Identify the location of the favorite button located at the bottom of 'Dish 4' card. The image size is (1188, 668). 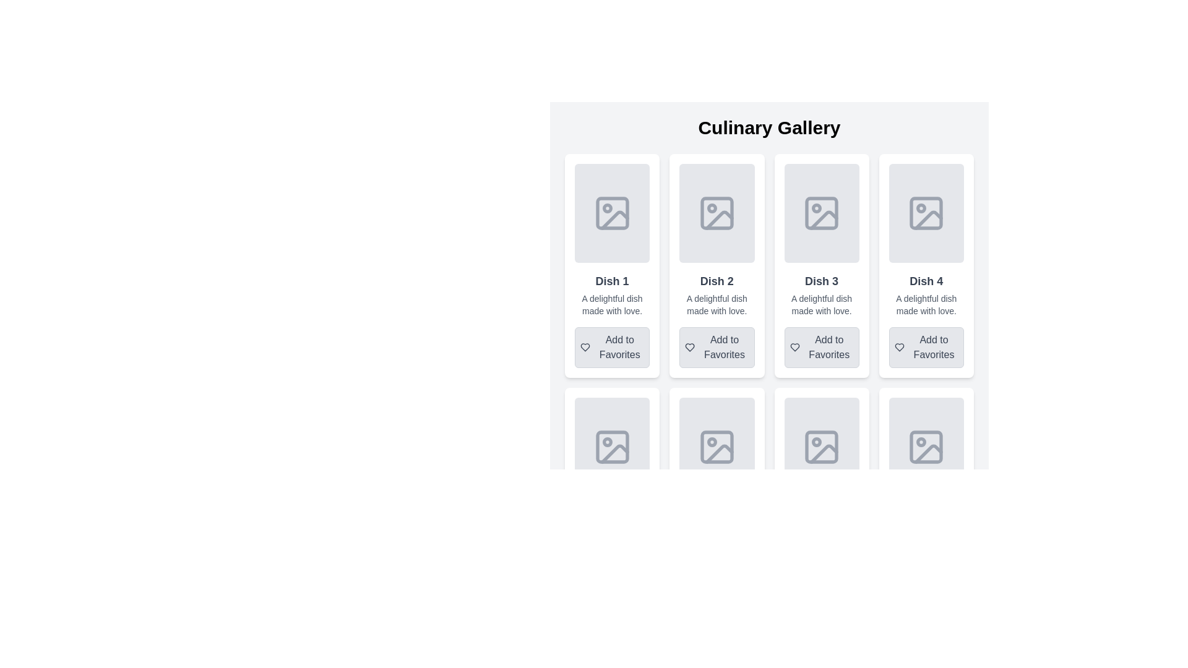
(926, 348).